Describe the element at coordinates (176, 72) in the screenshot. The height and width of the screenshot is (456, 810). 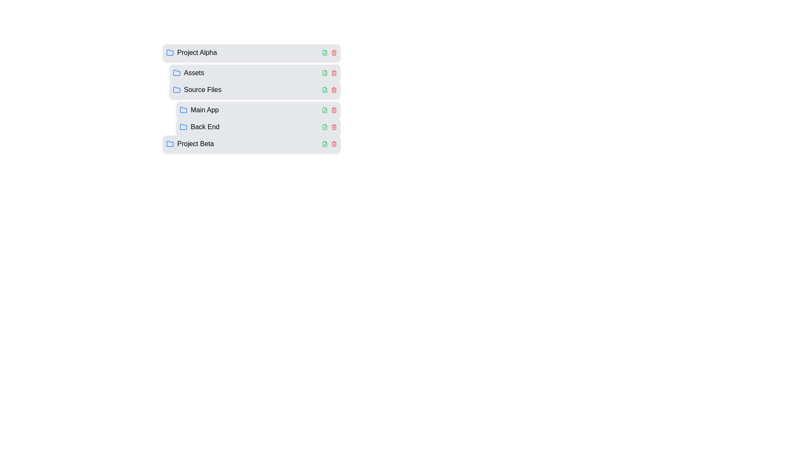
I see `the folder icon representing 'Assets' located in the second row under the 'Project Alpha' heading` at that location.